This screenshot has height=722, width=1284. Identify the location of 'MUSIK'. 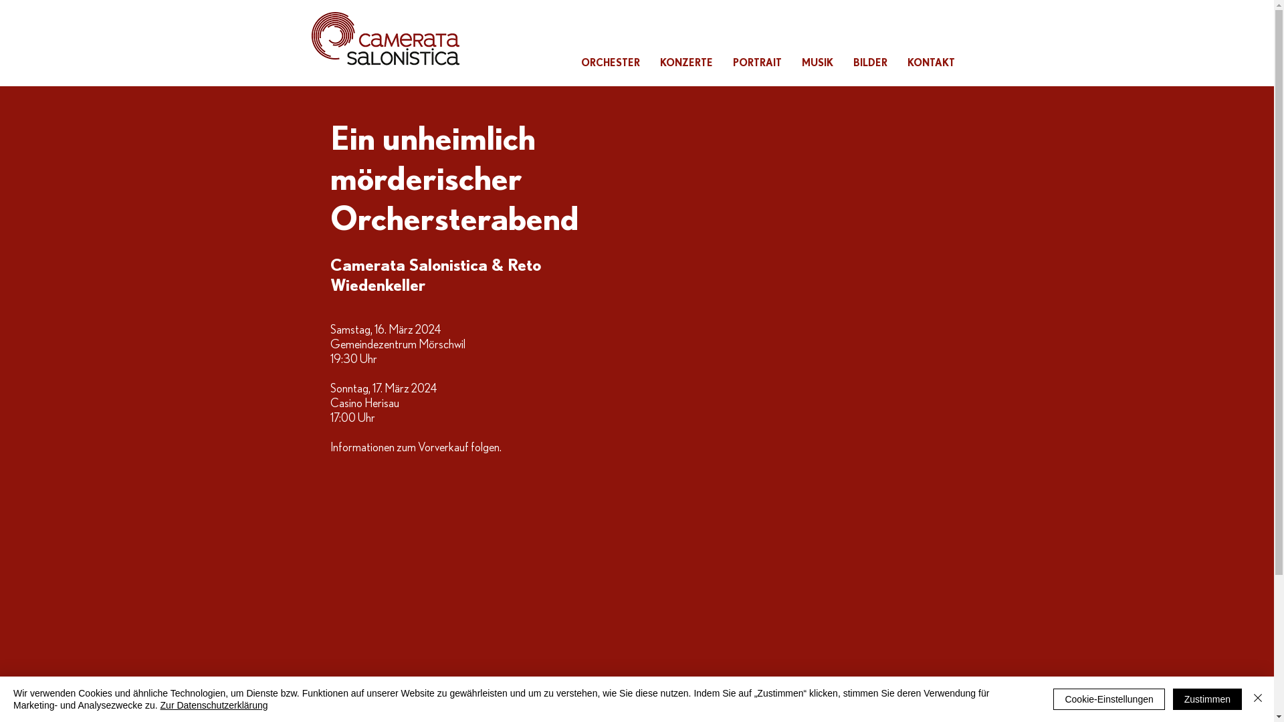
(792, 63).